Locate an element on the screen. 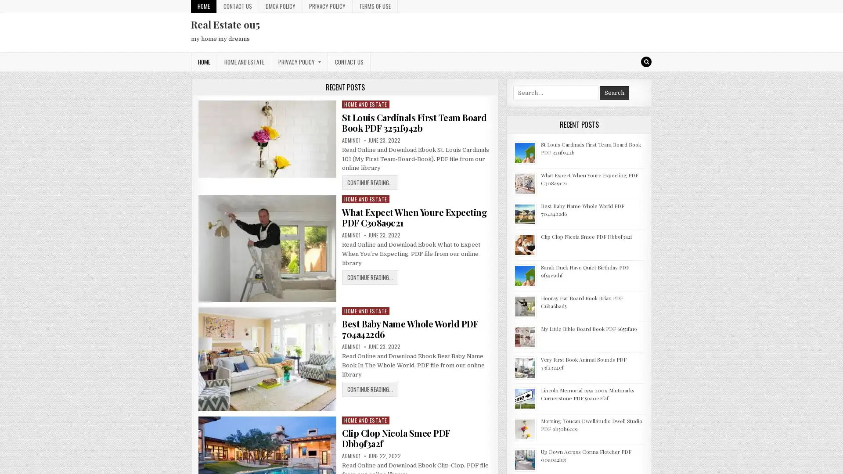 This screenshot has height=474, width=843. Search is located at coordinates (614, 93).